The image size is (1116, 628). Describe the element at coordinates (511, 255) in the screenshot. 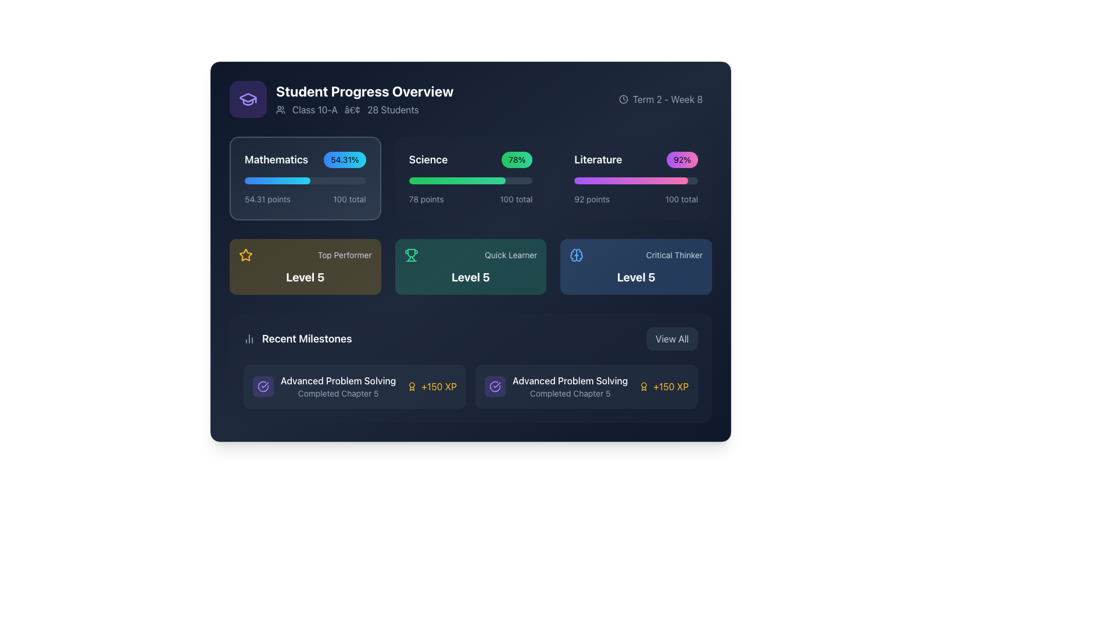

I see `the 'Quick Learner' static text label that signifies an earned title or badge, located in the center of the 'Level 5' green card` at that location.